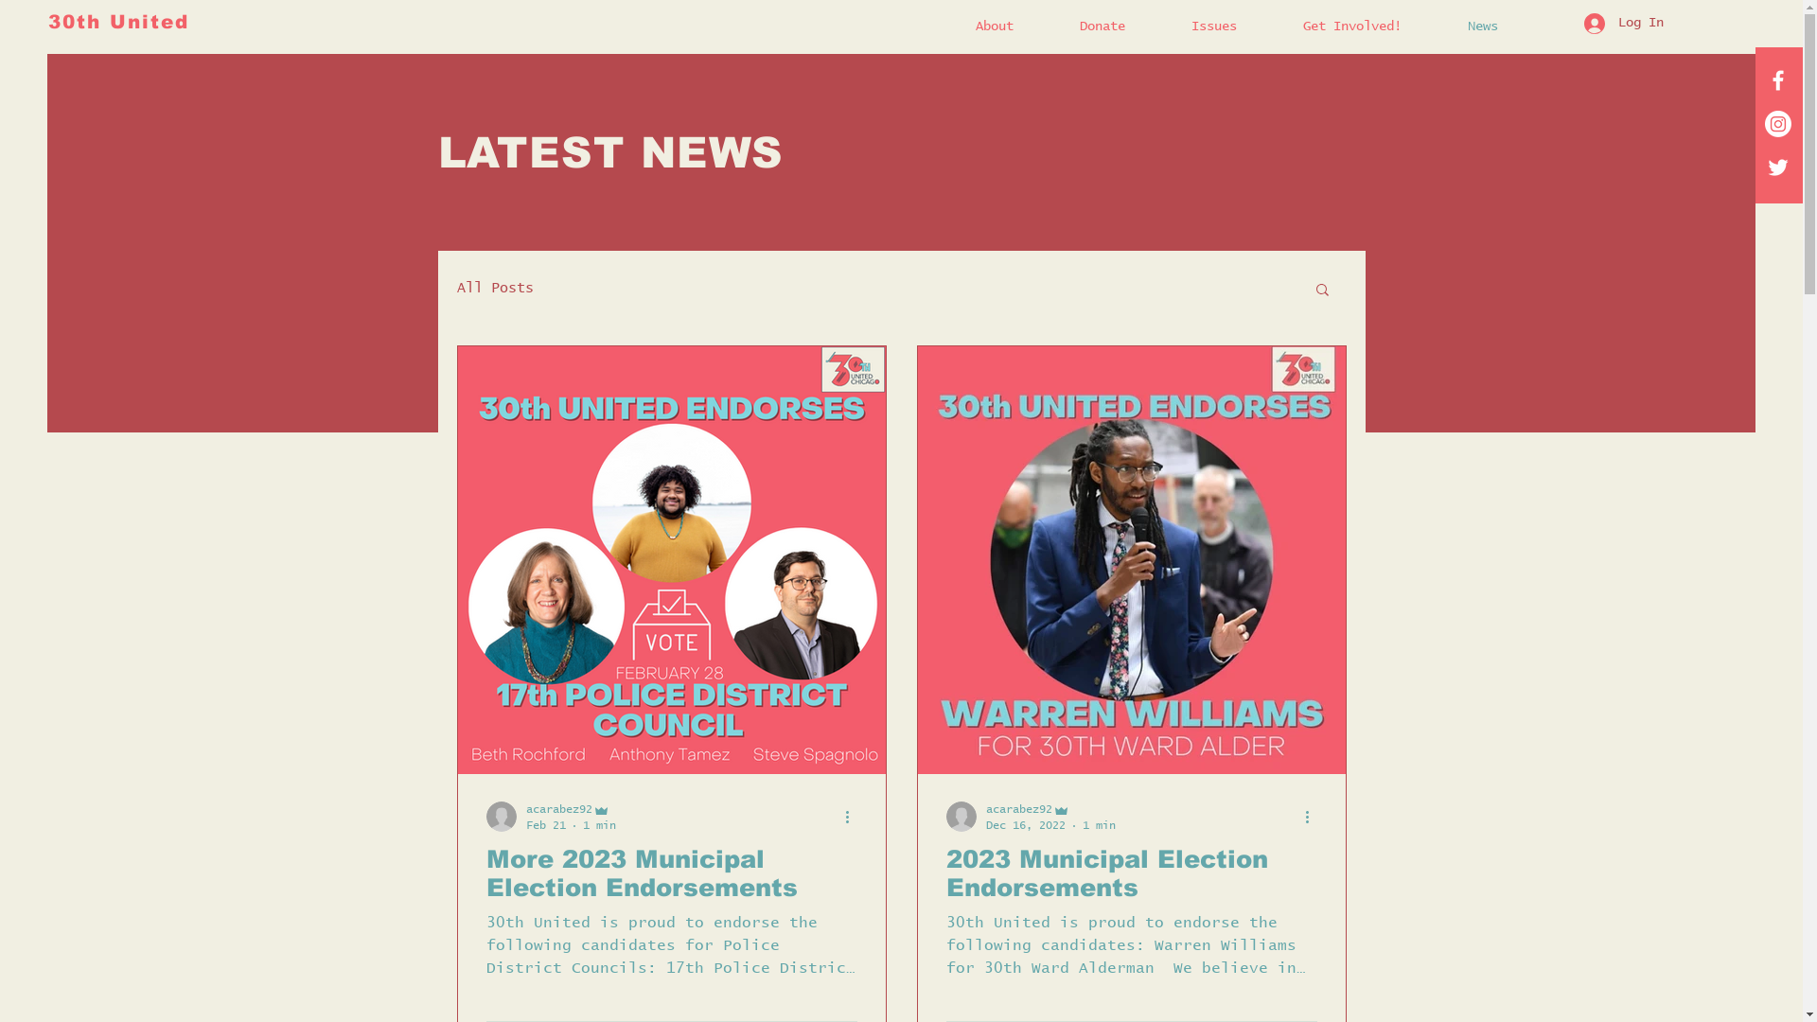 The height and width of the screenshot is (1022, 1817). I want to click on 'Donate', so click(1121, 26).